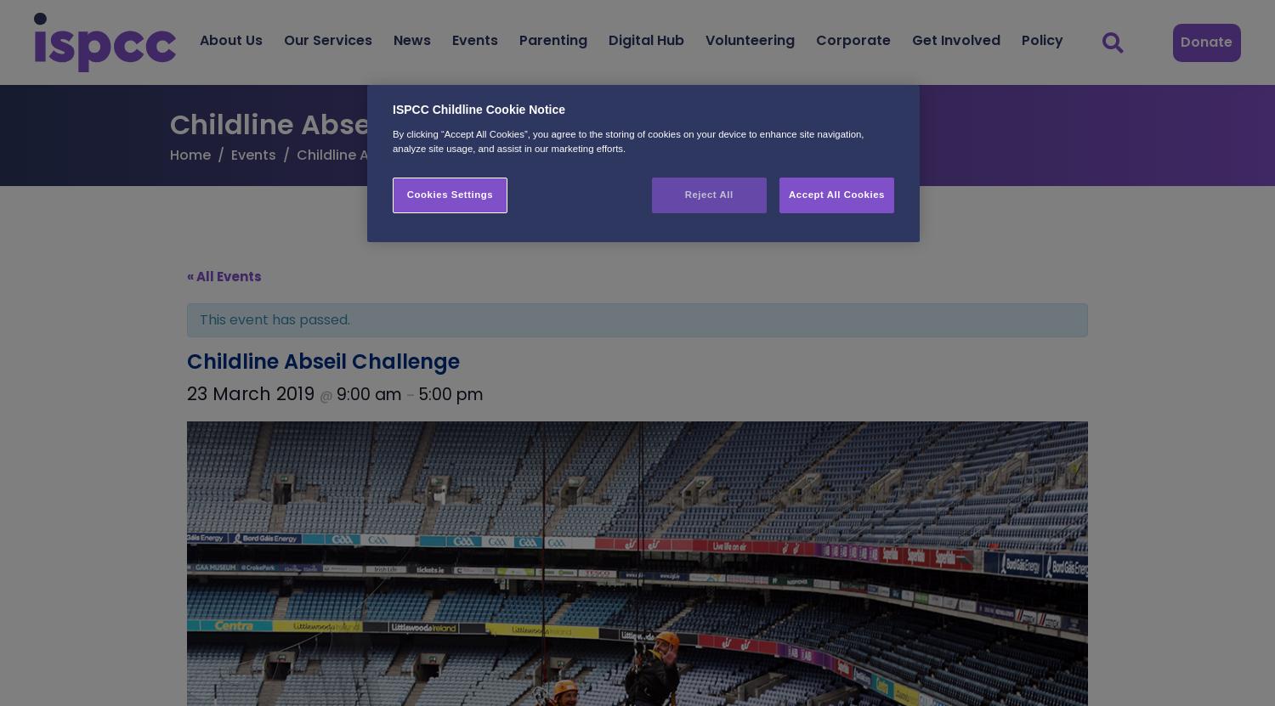 The height and width of the screenshot is (706, 1275). I want to click on '23 March 2019', so click(253, 393).